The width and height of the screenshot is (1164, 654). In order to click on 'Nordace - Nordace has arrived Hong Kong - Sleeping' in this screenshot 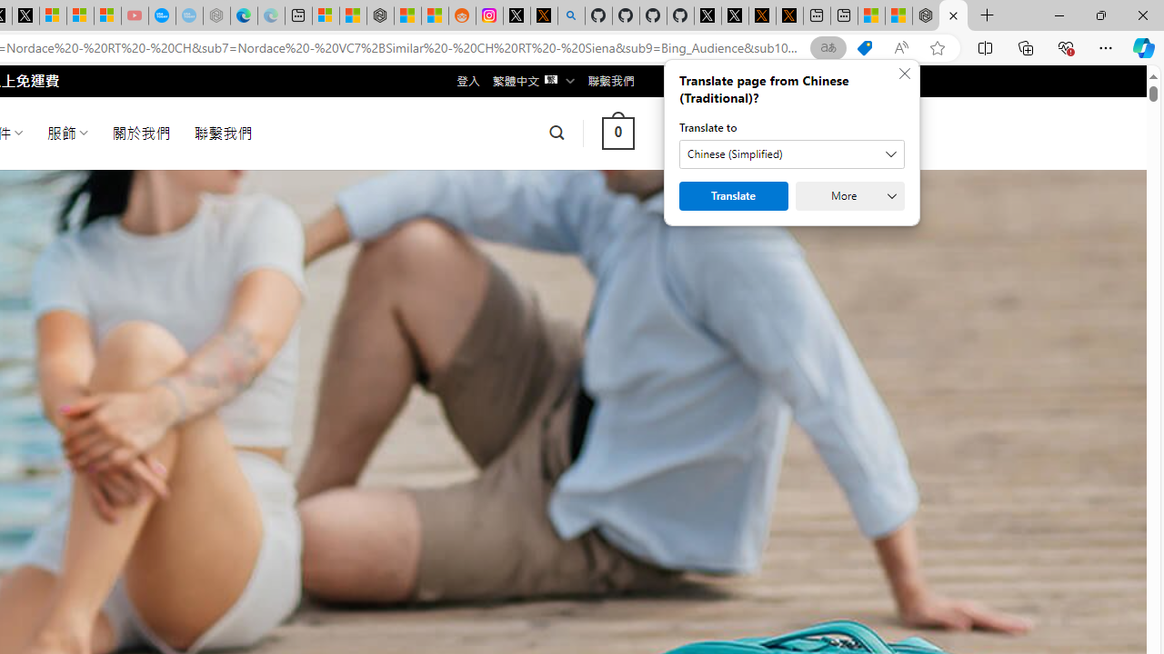, I will do `click(216, 15)`.